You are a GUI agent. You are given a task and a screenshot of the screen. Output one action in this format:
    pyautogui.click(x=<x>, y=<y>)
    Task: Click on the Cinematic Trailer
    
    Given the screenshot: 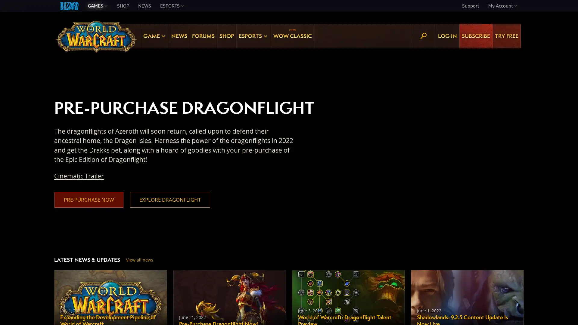 What is the action you would take?
    pyautogui.click(x=79, y=176)
    